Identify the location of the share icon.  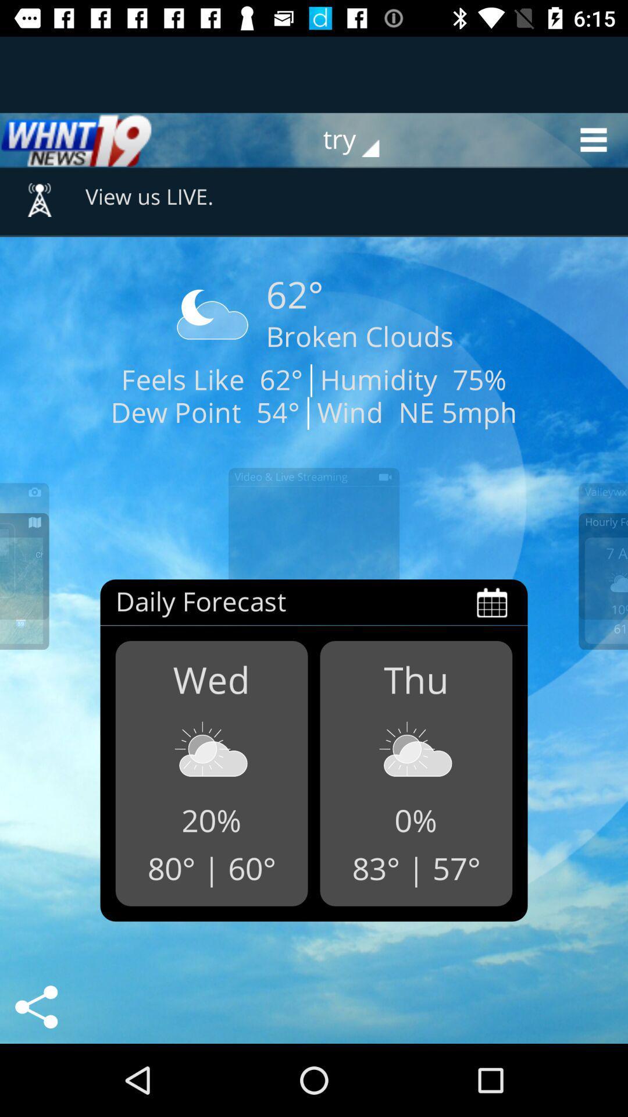
(35, 1006).